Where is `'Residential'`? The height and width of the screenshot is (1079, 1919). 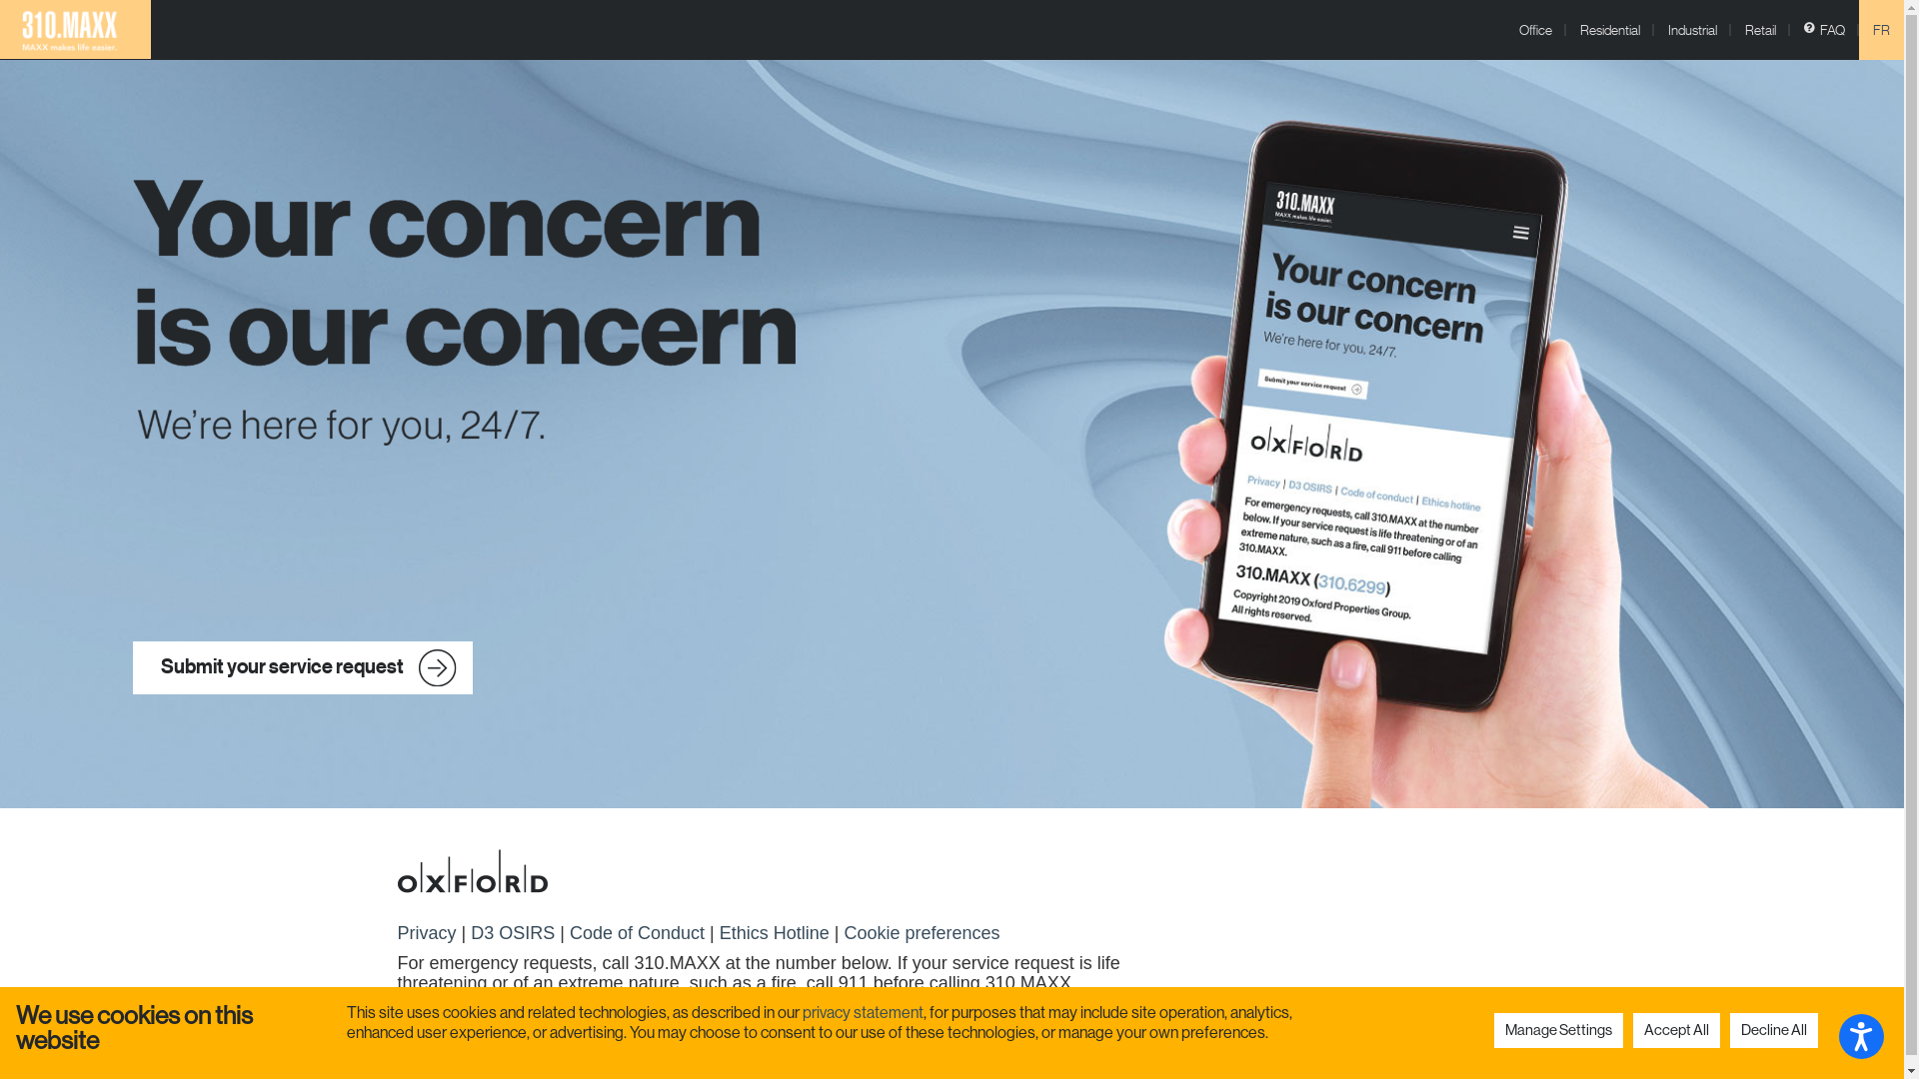 'Residential' is located at coordinates (1564, 30).